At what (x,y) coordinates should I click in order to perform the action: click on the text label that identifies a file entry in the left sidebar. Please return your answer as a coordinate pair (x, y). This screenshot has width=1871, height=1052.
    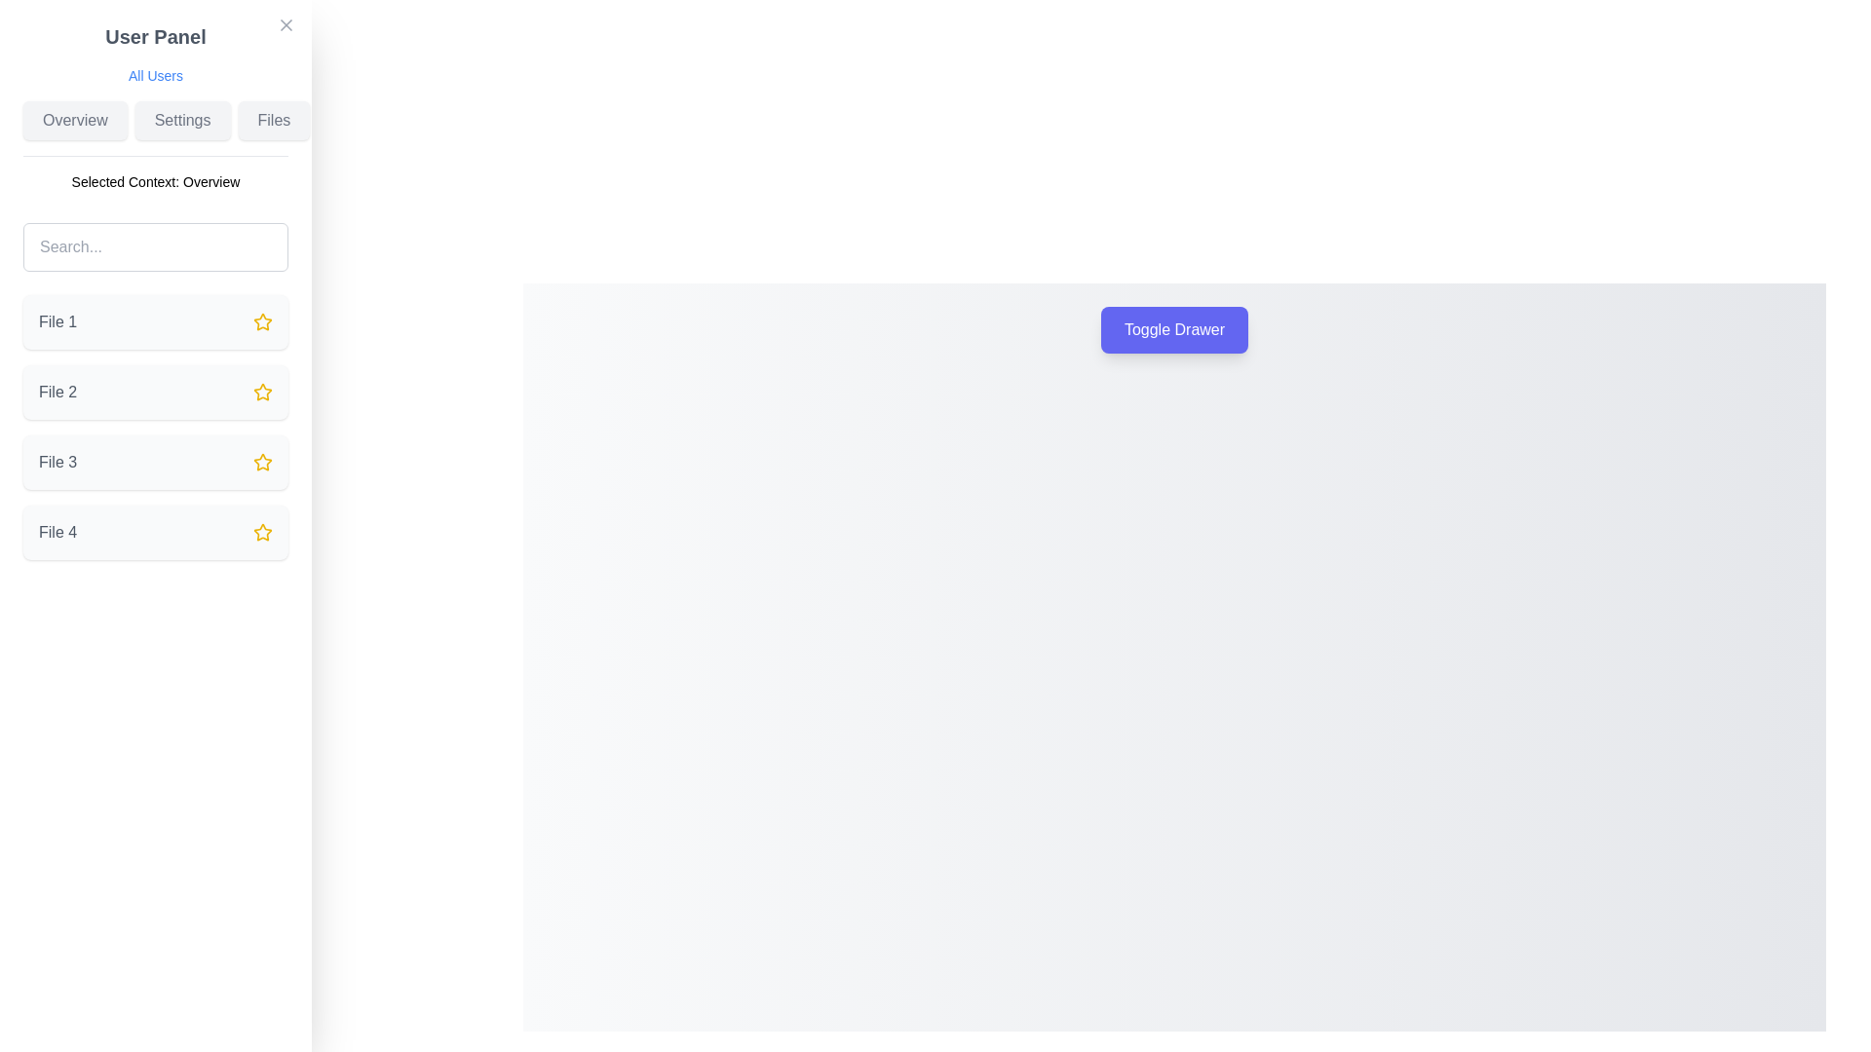
    Looking at the image, I should click on (57, 533).